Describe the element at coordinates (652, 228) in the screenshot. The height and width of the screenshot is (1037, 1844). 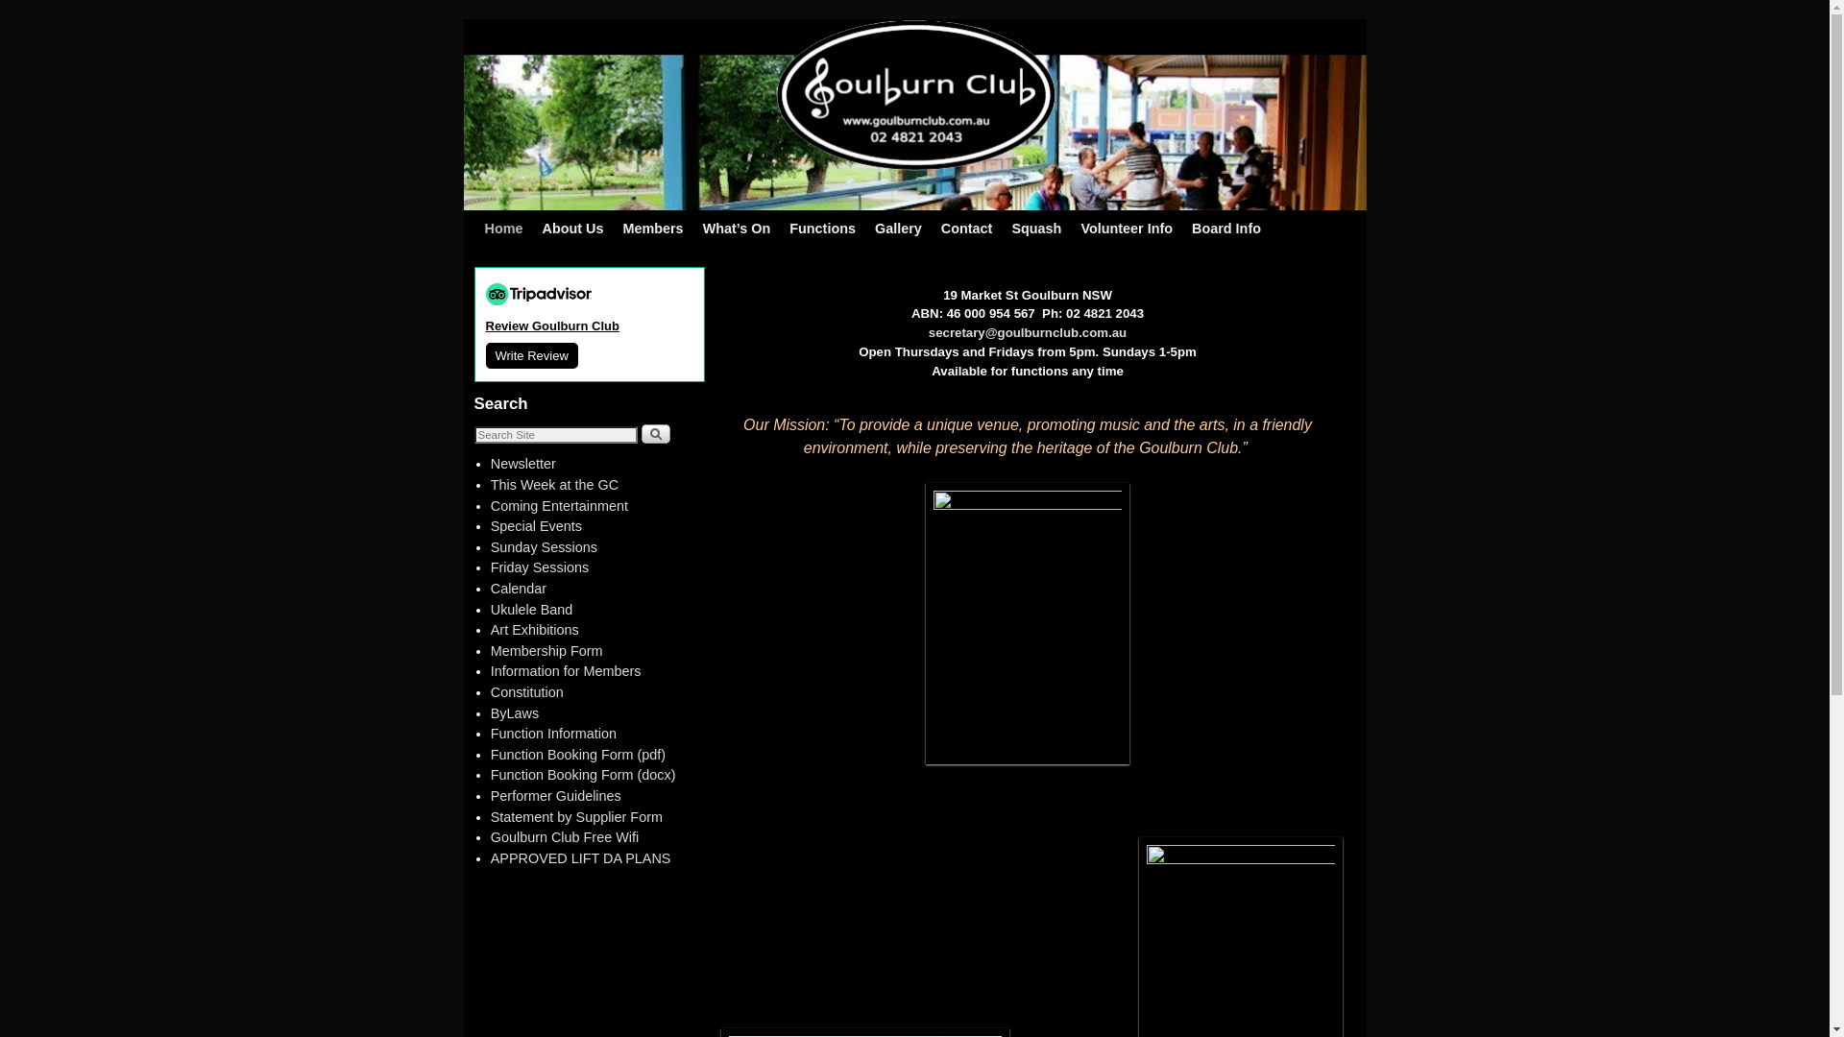
I see `'Members'` at that location.